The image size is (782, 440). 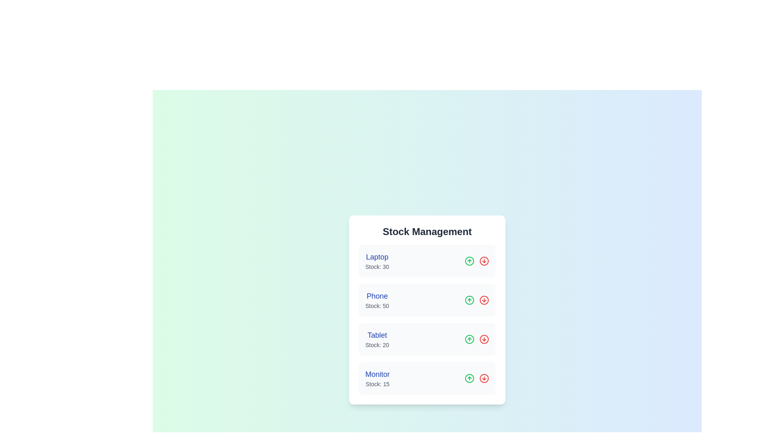 I want to click on the decrement icon for the product Monitor, so click(x=484, y=378).